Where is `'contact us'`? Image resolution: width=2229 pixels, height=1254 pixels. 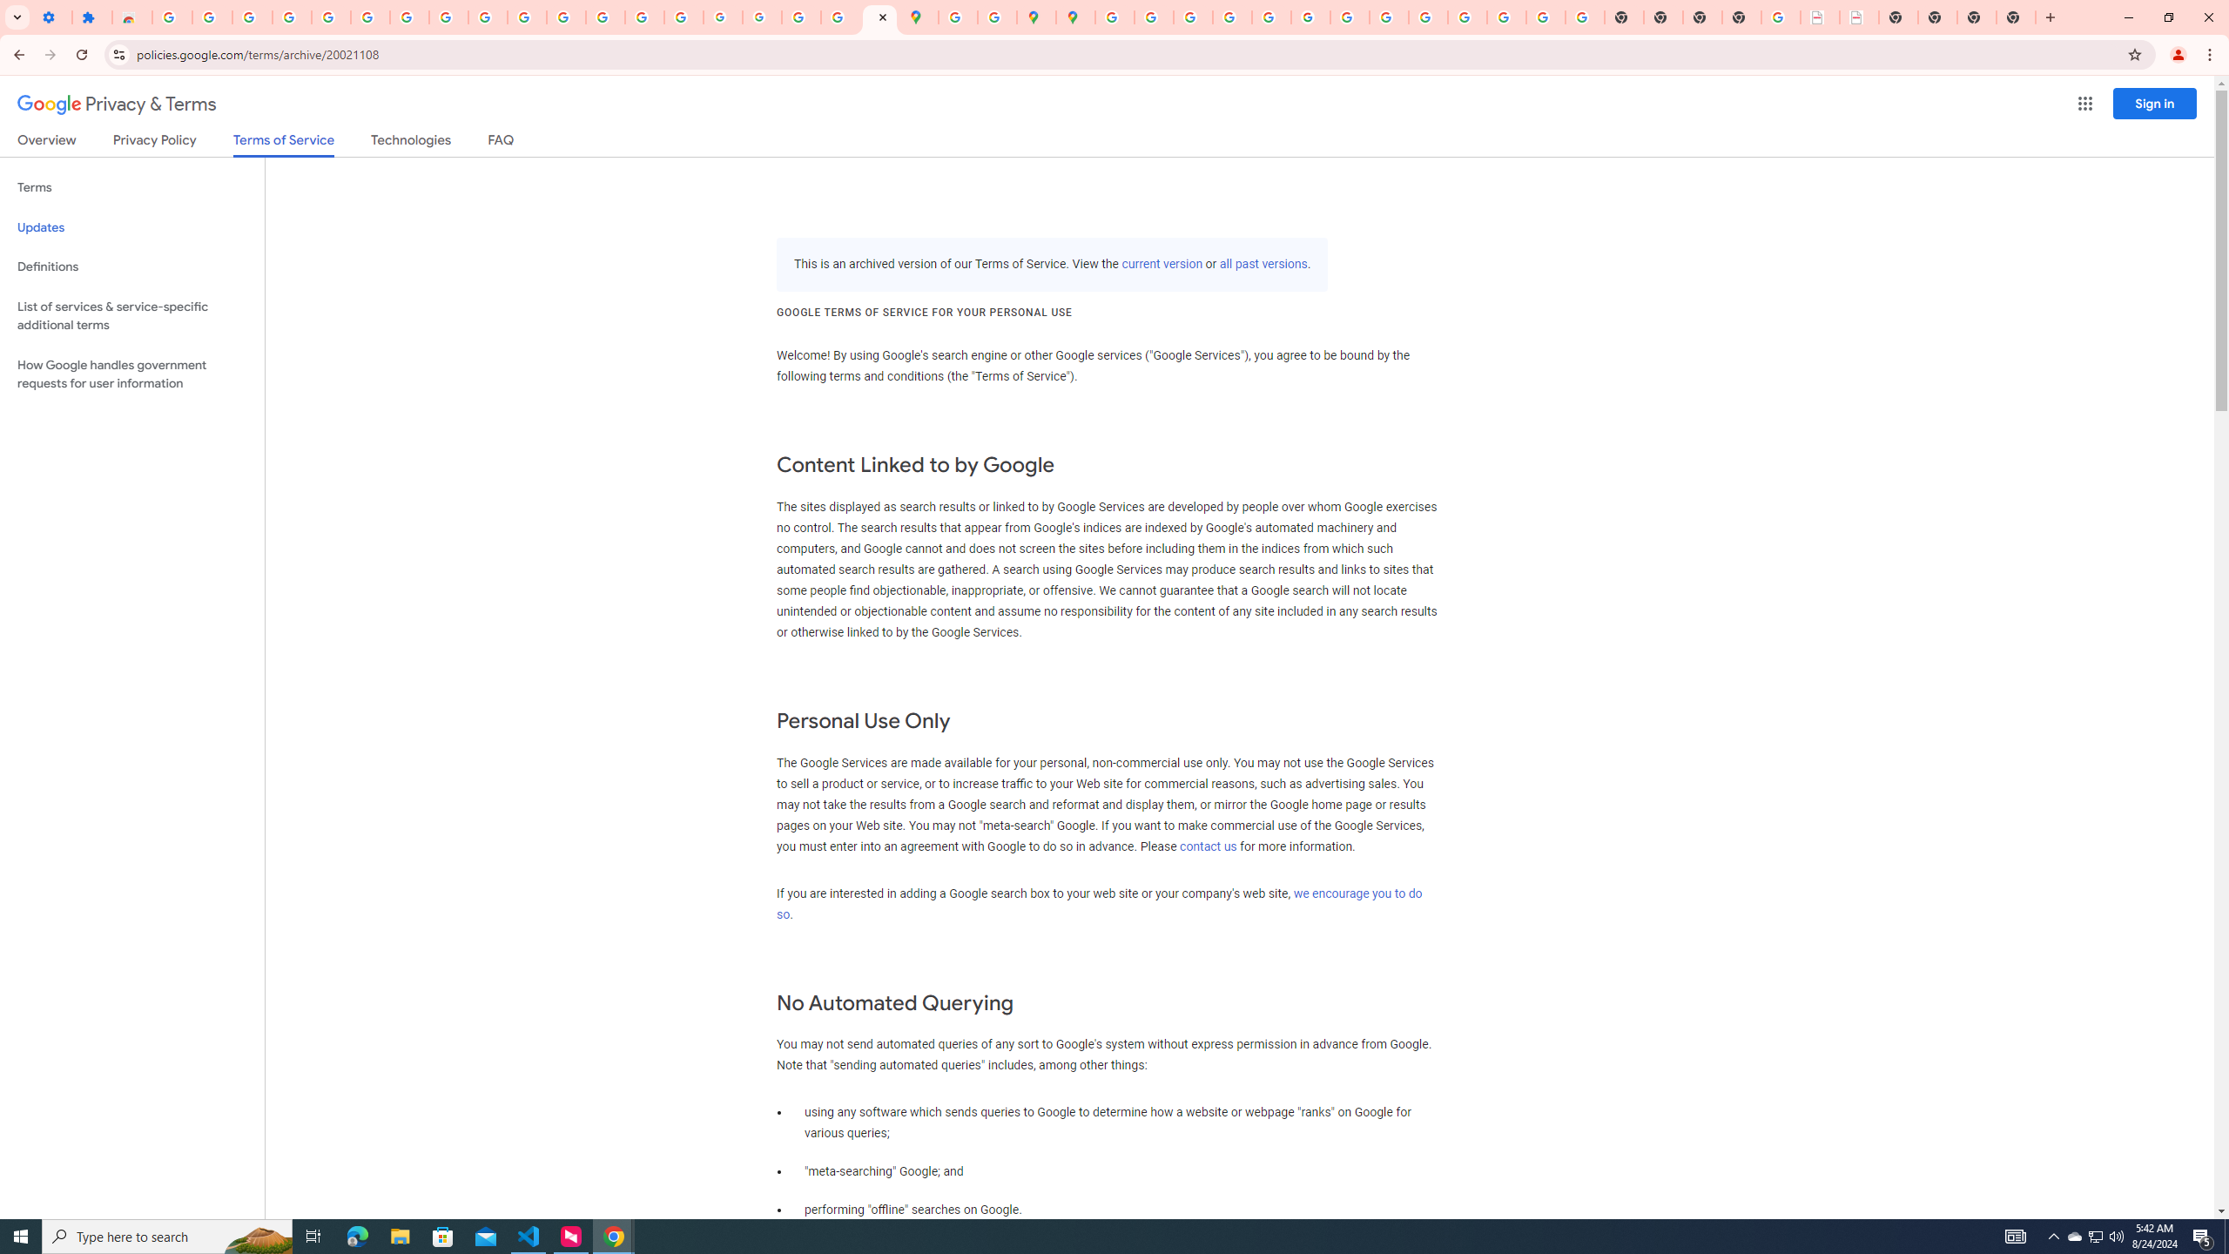 'contact us' is located at coordinates (1207, 846).